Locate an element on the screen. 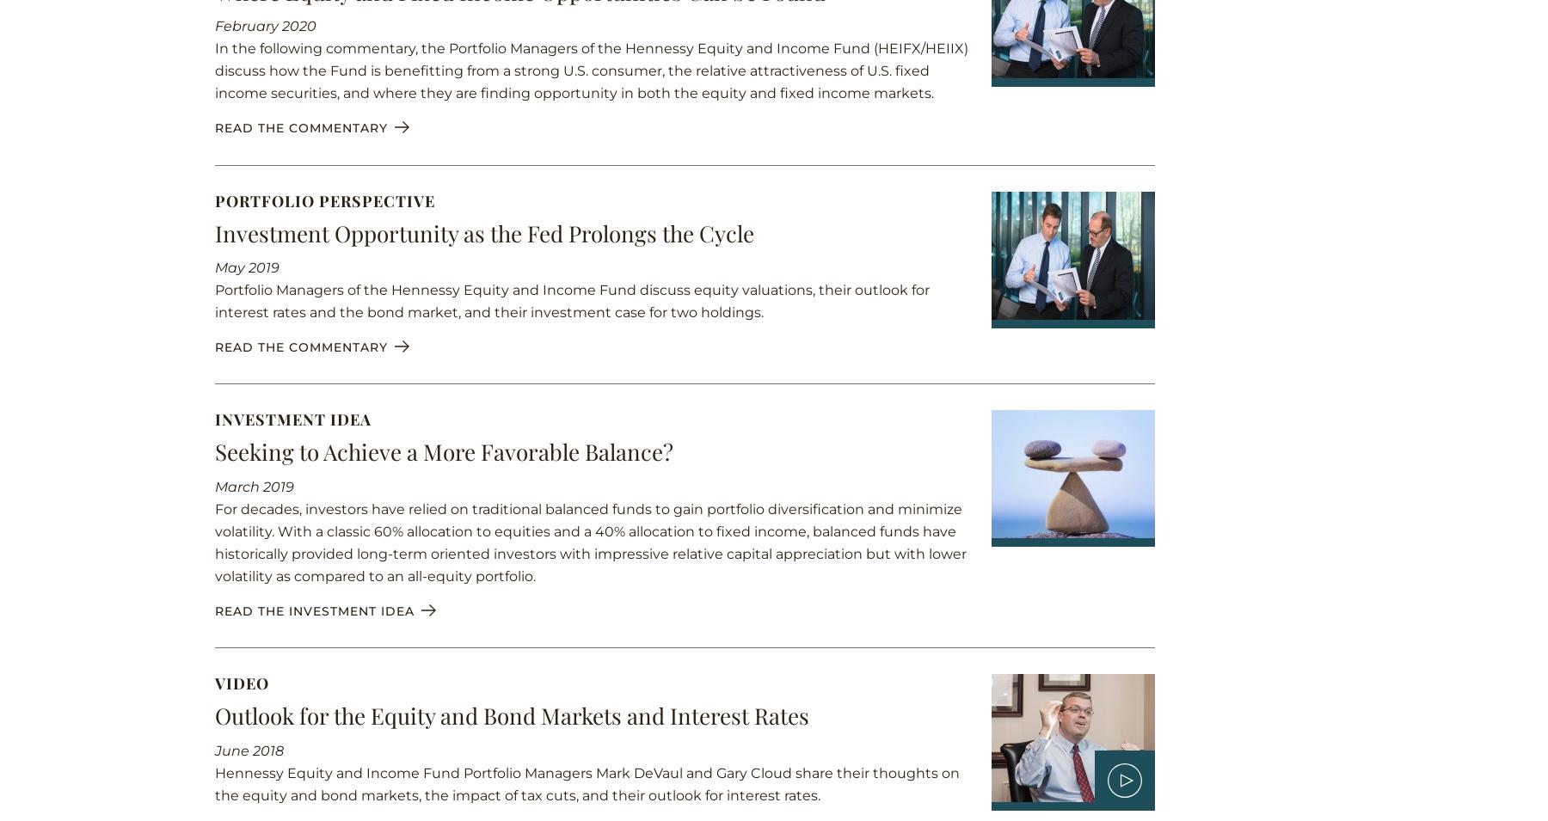  'Outlook for the Equity and Bond Markets and Interest Rates' is located at coordinates (512, 715).